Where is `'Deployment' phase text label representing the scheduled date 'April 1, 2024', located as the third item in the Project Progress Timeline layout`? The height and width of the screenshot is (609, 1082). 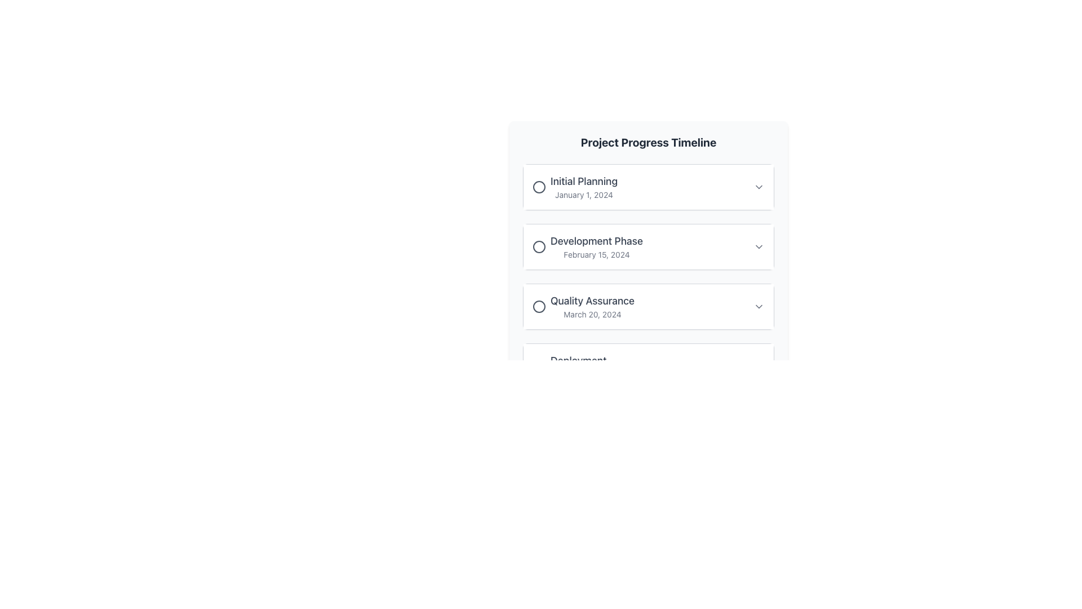 'Deployment' phase text label representing the scheduled date 'April 1, 2024', located as the third item in the Project Progress Timeline layout is located at coordinates (578, 367).